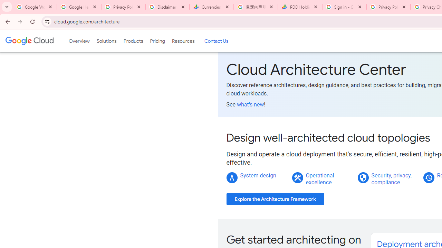 The height and width of the screenshot is (248, 442). I want to click on 'Sign in - Google Accounts', so click(344, 7).